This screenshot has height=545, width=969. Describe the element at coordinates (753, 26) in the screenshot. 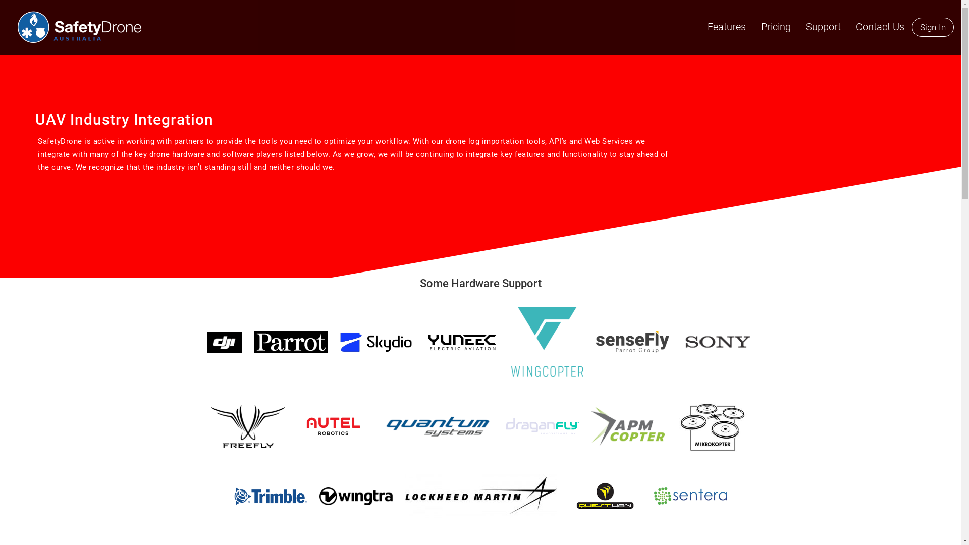

I see `'Pricing'` at that location.